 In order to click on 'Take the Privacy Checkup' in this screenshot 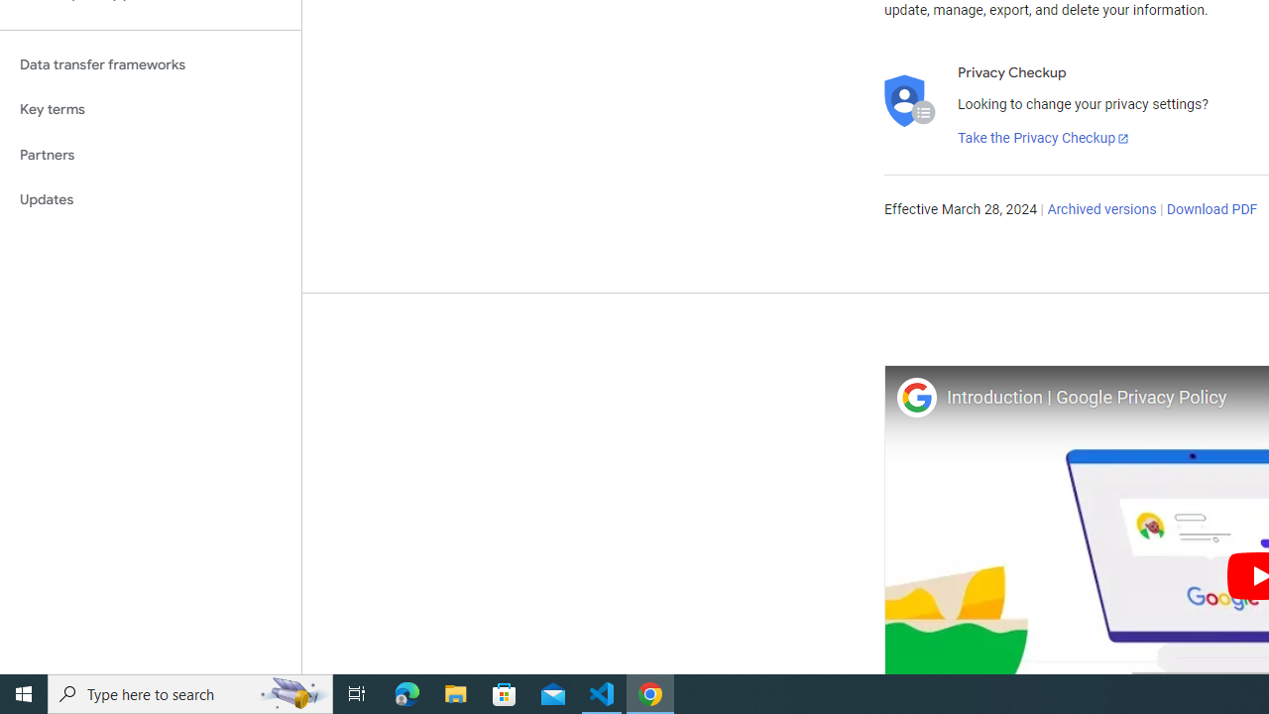, I will do `click(1043, 138)`.